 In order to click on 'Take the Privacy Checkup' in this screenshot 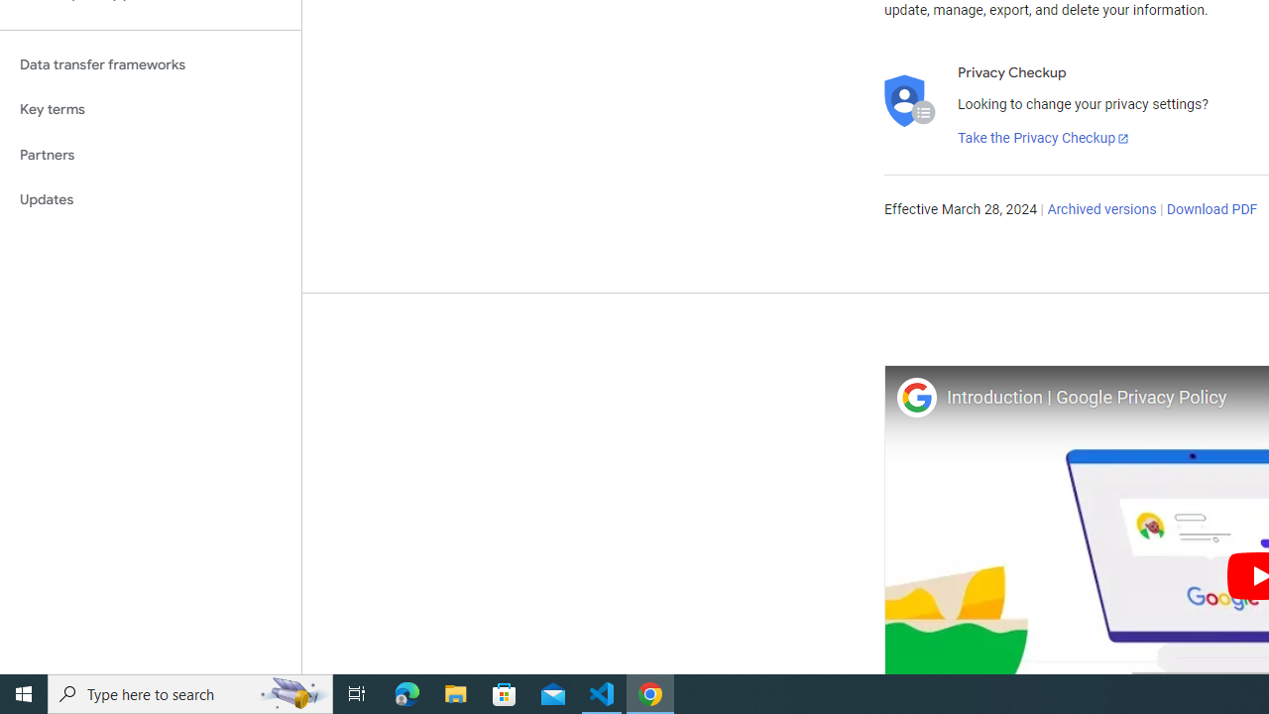, I will do `click(1043, 138)`.